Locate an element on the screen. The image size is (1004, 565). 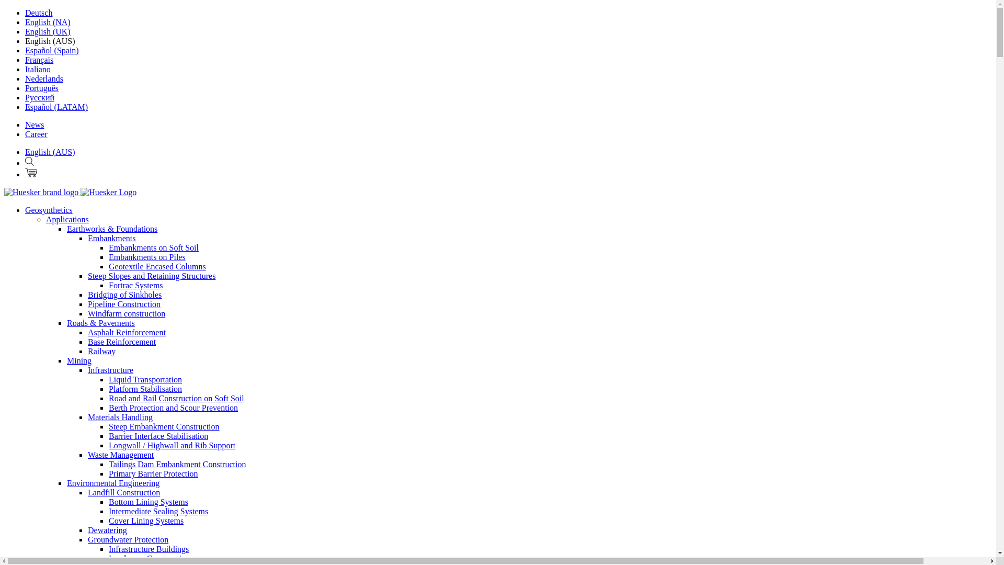
'Infrastructure Buildings' is located at coordinates (148, 548).